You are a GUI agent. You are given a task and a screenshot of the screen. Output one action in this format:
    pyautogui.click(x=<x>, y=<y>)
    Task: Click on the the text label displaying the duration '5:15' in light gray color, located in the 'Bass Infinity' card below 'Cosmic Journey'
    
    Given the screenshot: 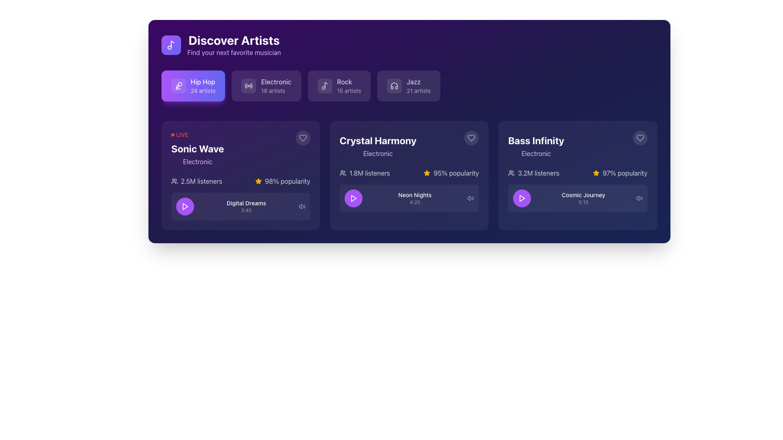 What is the action you would take?
    pyautogui.click(x=583, y=202)
    